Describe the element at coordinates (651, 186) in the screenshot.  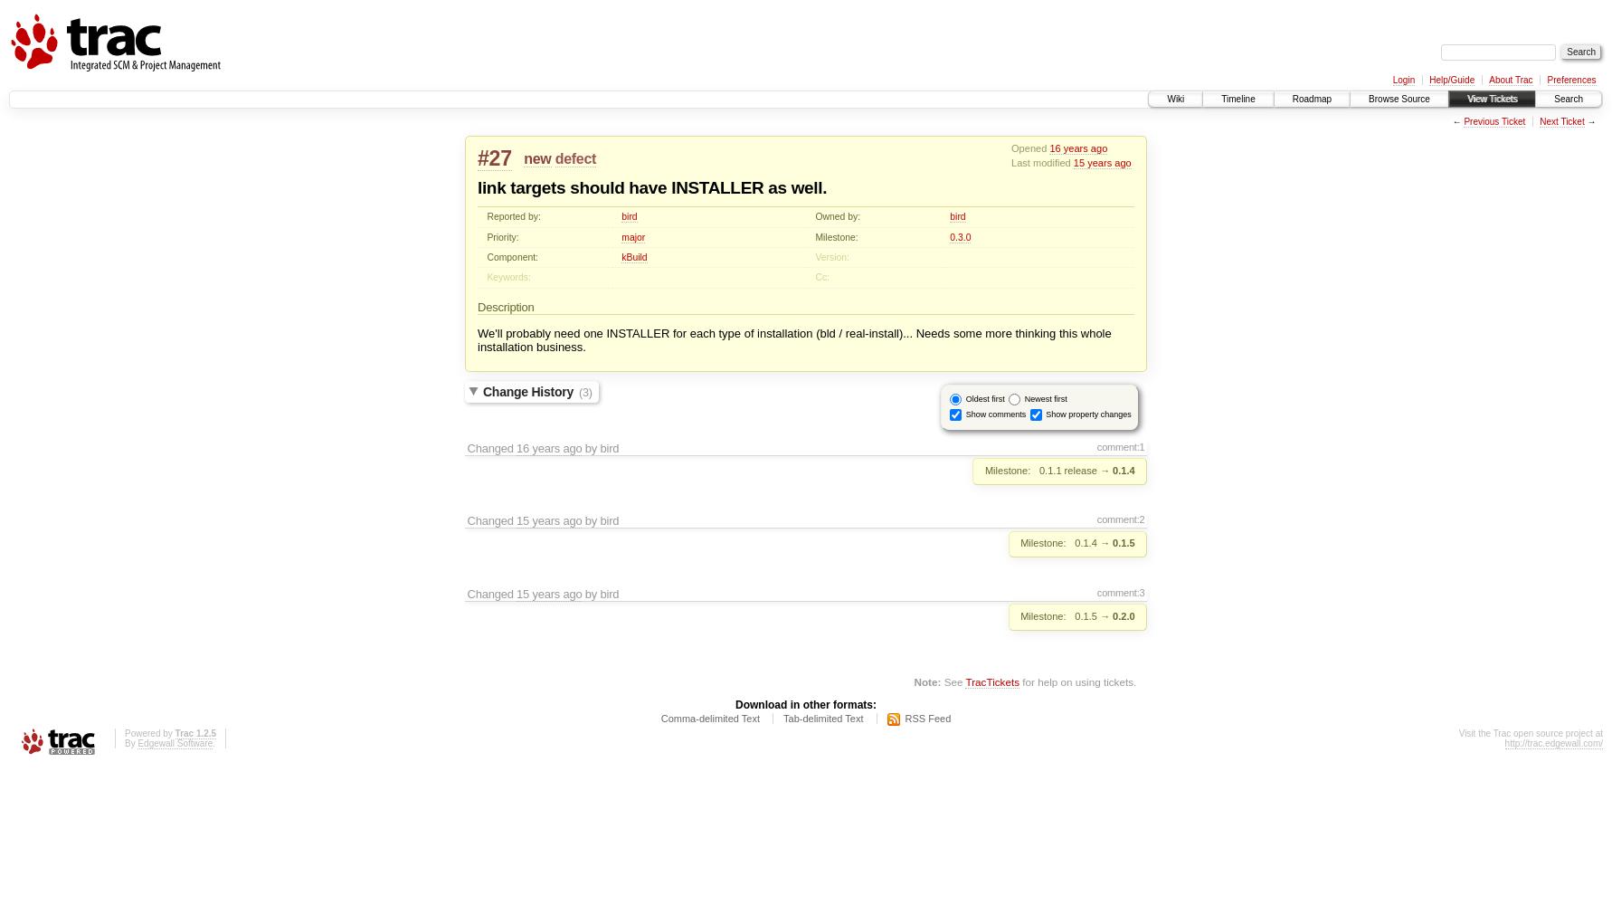
I see `'link targets should have INSTALLER as well.'` at that location.